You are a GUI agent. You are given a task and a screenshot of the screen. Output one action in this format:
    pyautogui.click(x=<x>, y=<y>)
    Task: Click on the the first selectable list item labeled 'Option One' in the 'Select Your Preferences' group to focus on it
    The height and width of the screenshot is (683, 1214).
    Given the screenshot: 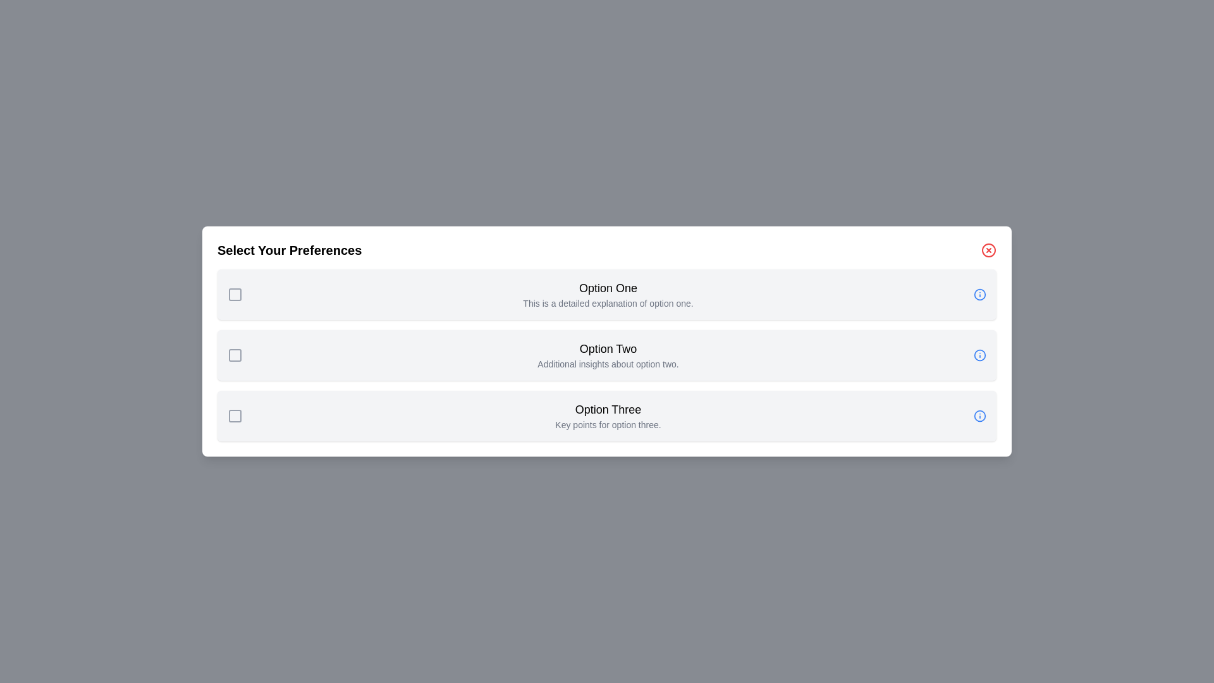 What is the action you would take?
    pyautogui.click(x=607, y=295)
    